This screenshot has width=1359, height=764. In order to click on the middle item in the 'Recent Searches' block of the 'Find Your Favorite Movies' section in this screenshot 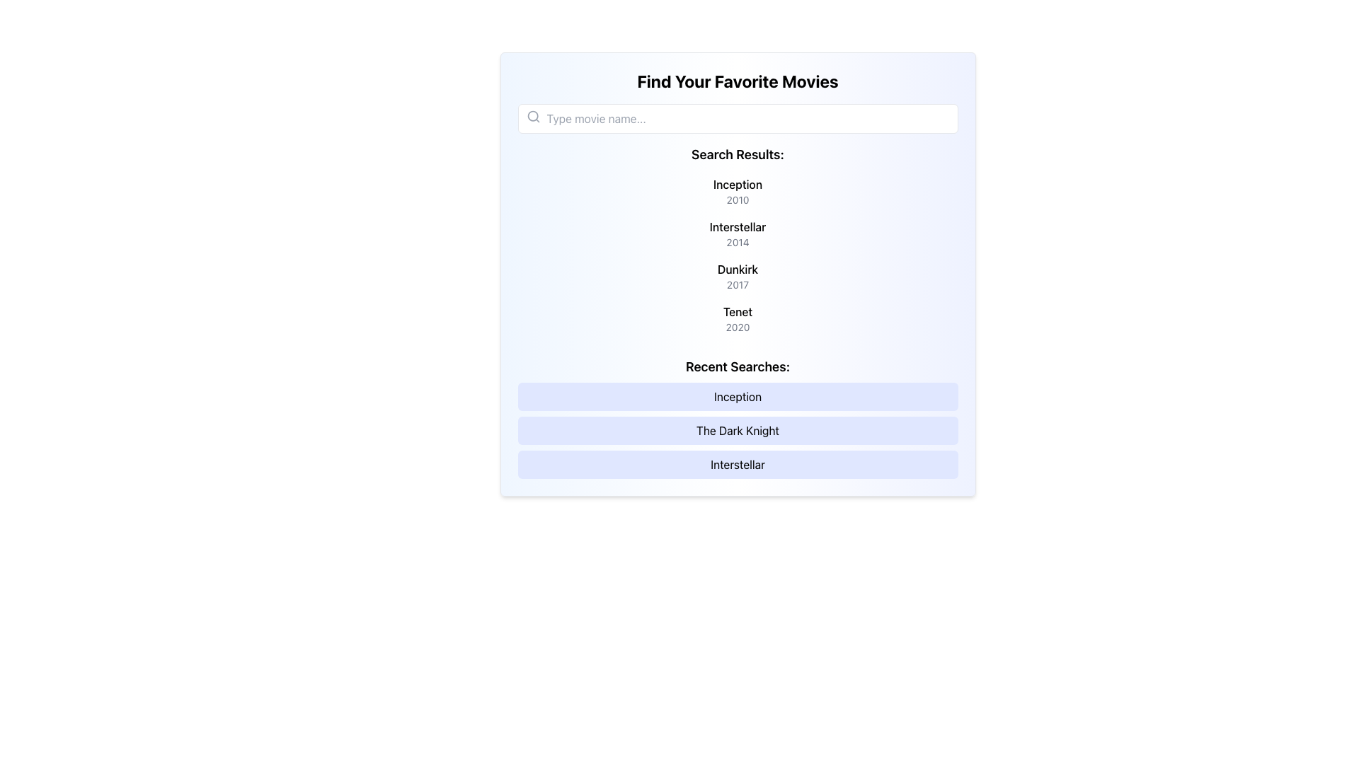, I will do `click(737, 417)`.